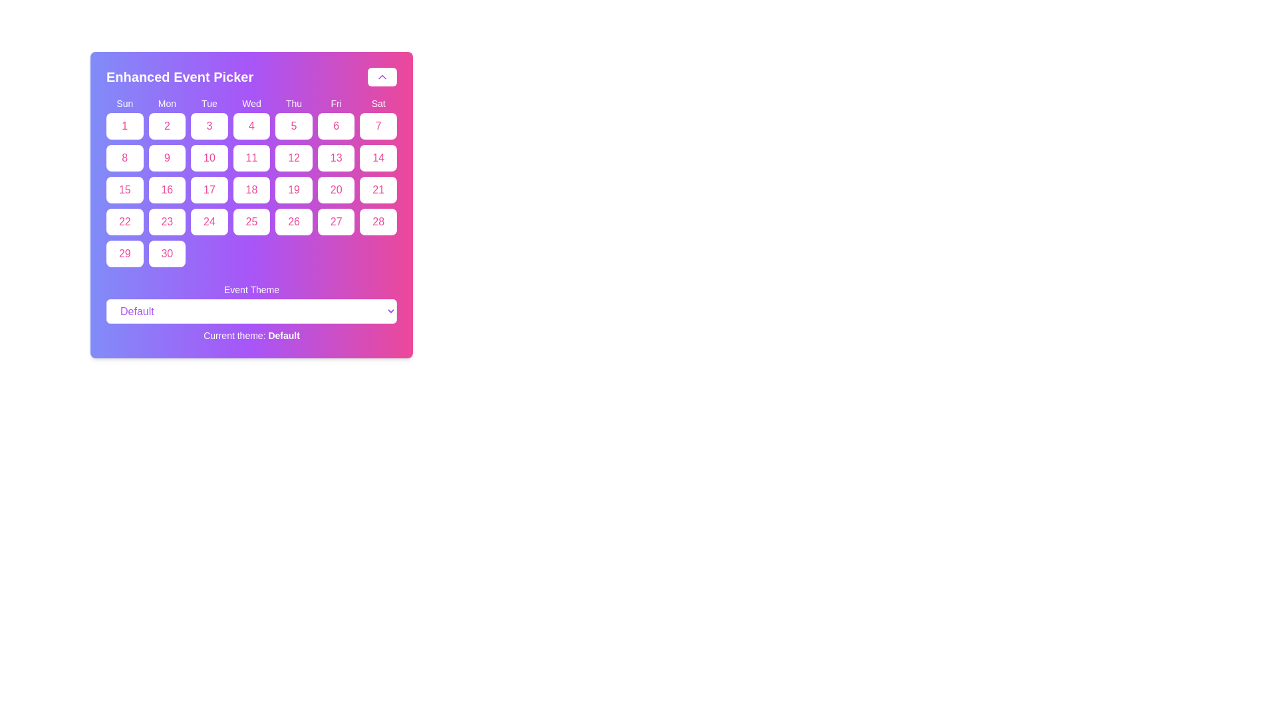  Describe the element at coordinates (293, 126) in the screenshot. I see `the button with the text '5' in the top row of the 7-column grid layout` at that location.